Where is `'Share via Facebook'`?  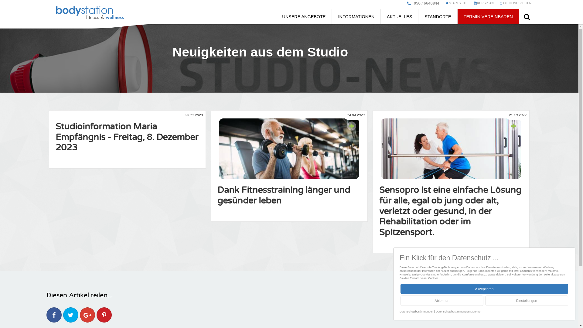 'Share via Facebook' is located at coordinates (54, 315).